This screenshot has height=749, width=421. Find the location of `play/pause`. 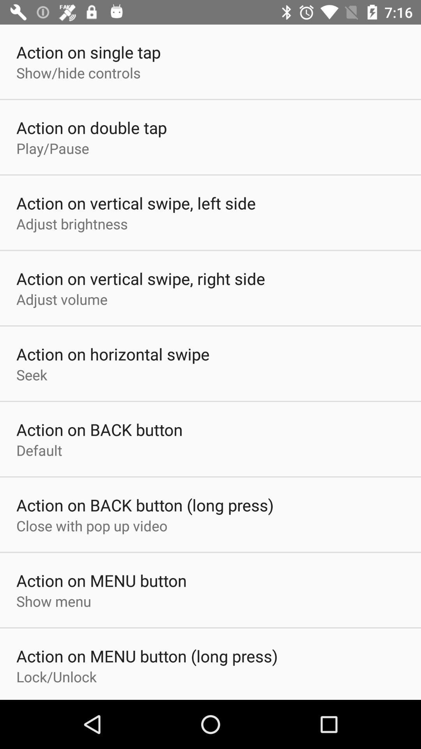

play/pause is located at coordinates (53, 148).